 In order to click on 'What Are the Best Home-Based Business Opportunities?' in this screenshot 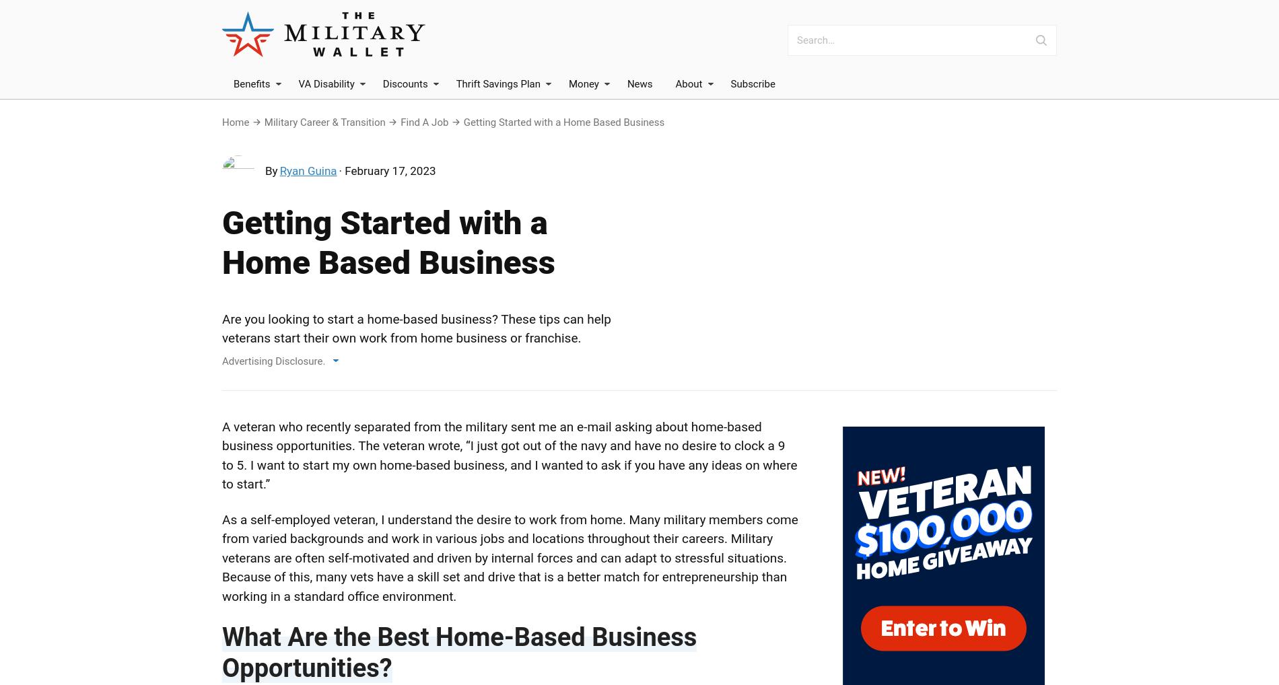, I will do `click(221, 652)`.